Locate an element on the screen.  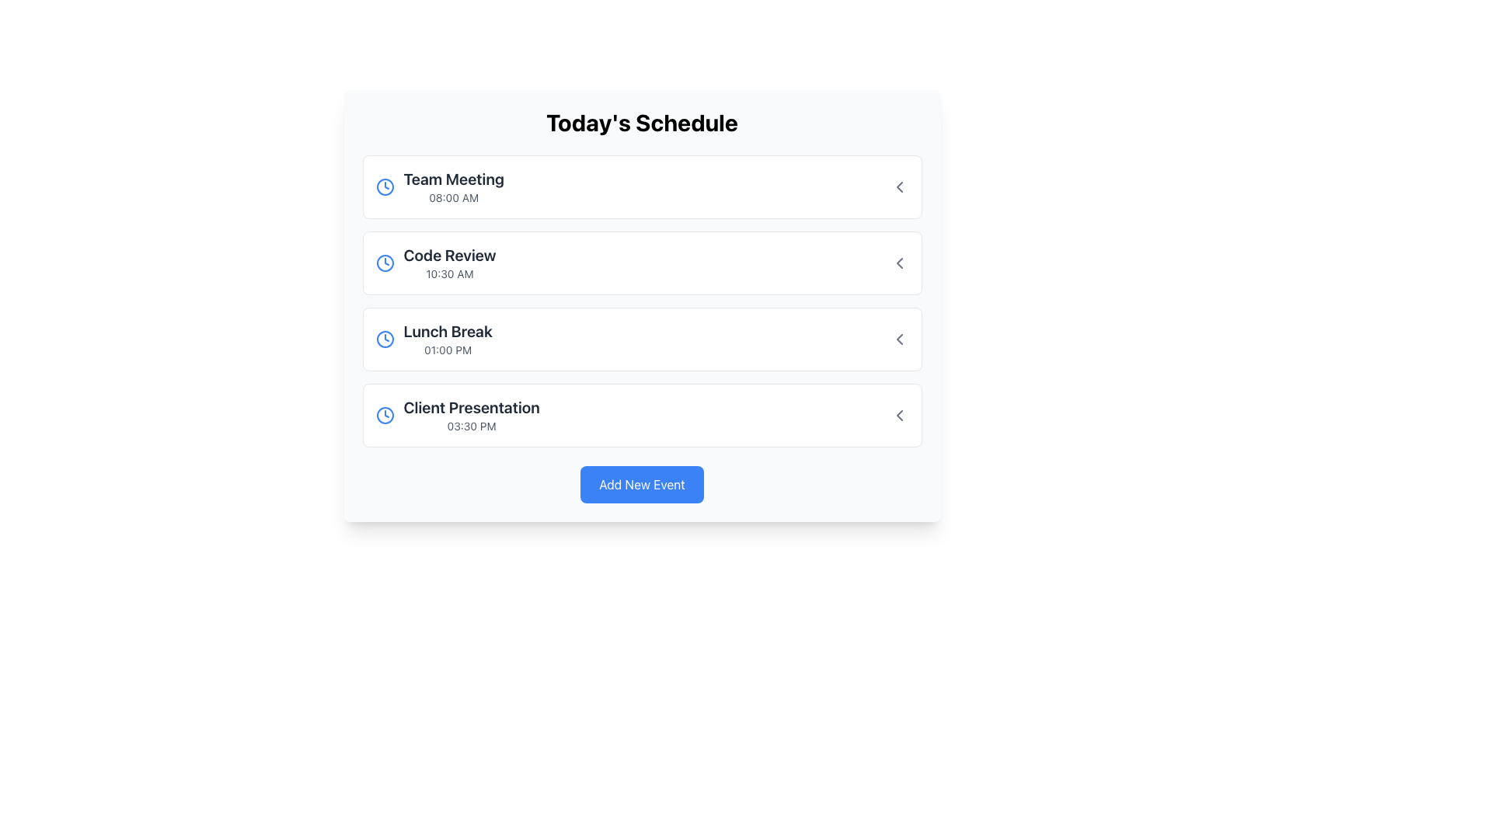
the scheduled event titled 'Code Review' at '10:30 AM' in the second row of 'Today's Schedule' is located at coordinates (435, 263).